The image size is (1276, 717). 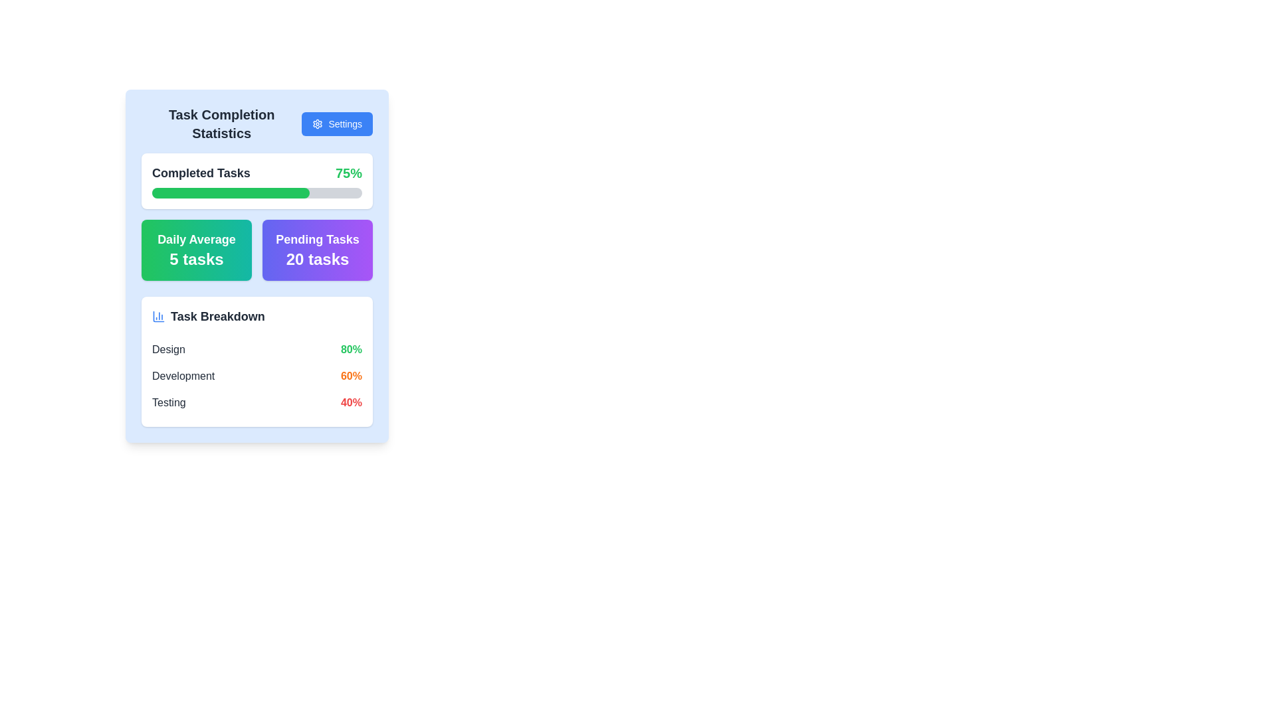 I want to click on title label text located at the top of a white contained area within a larger card, which serves as a header for the task breakdown section, so click(x=257, y=317).